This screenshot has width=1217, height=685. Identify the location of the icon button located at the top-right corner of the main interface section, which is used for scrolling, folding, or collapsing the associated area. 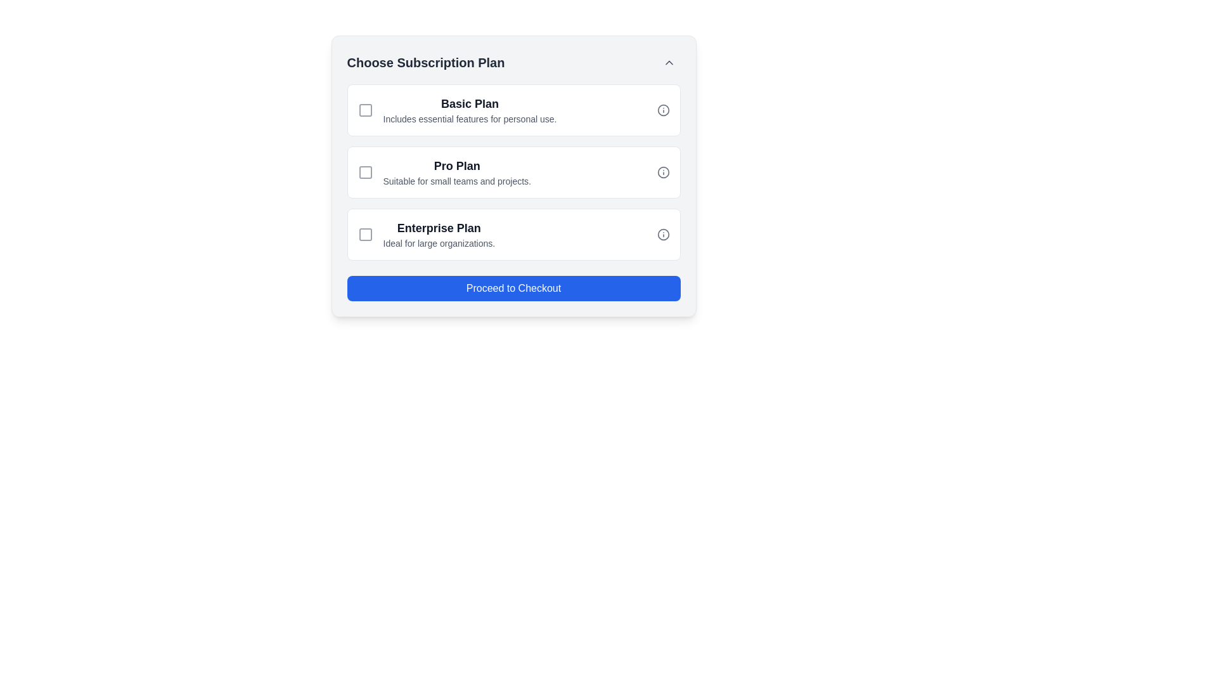
(668, 63).